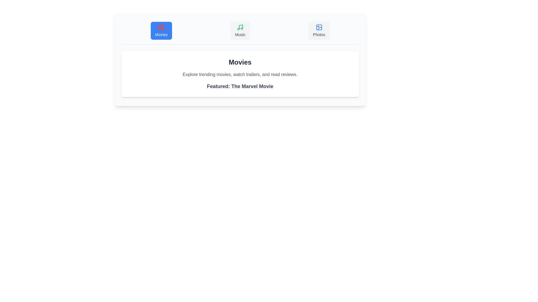 The image size is (538, 302). Describe the element at coordinates (161, 31) in the screenshot. I see `the Movies tab in the MultimediaBrowser component` at that location.